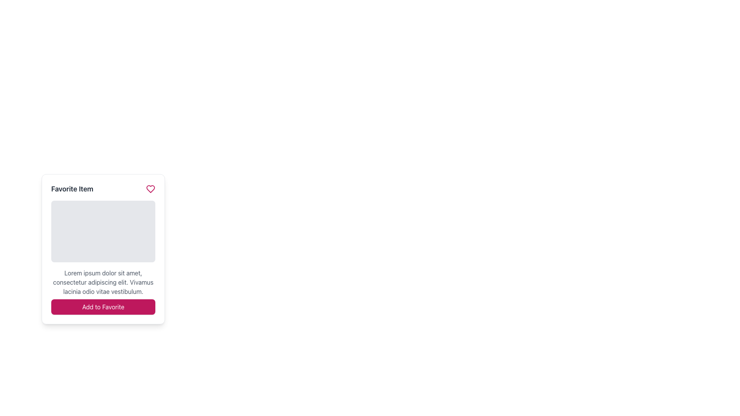 The height and width of the screenshot is (416, 740). What do you see at coordinates (150, 189) in the screenshot?
I see `the favorite button located to the far right of the 'Favorite Item' heading` at bounding box center [150, 189].